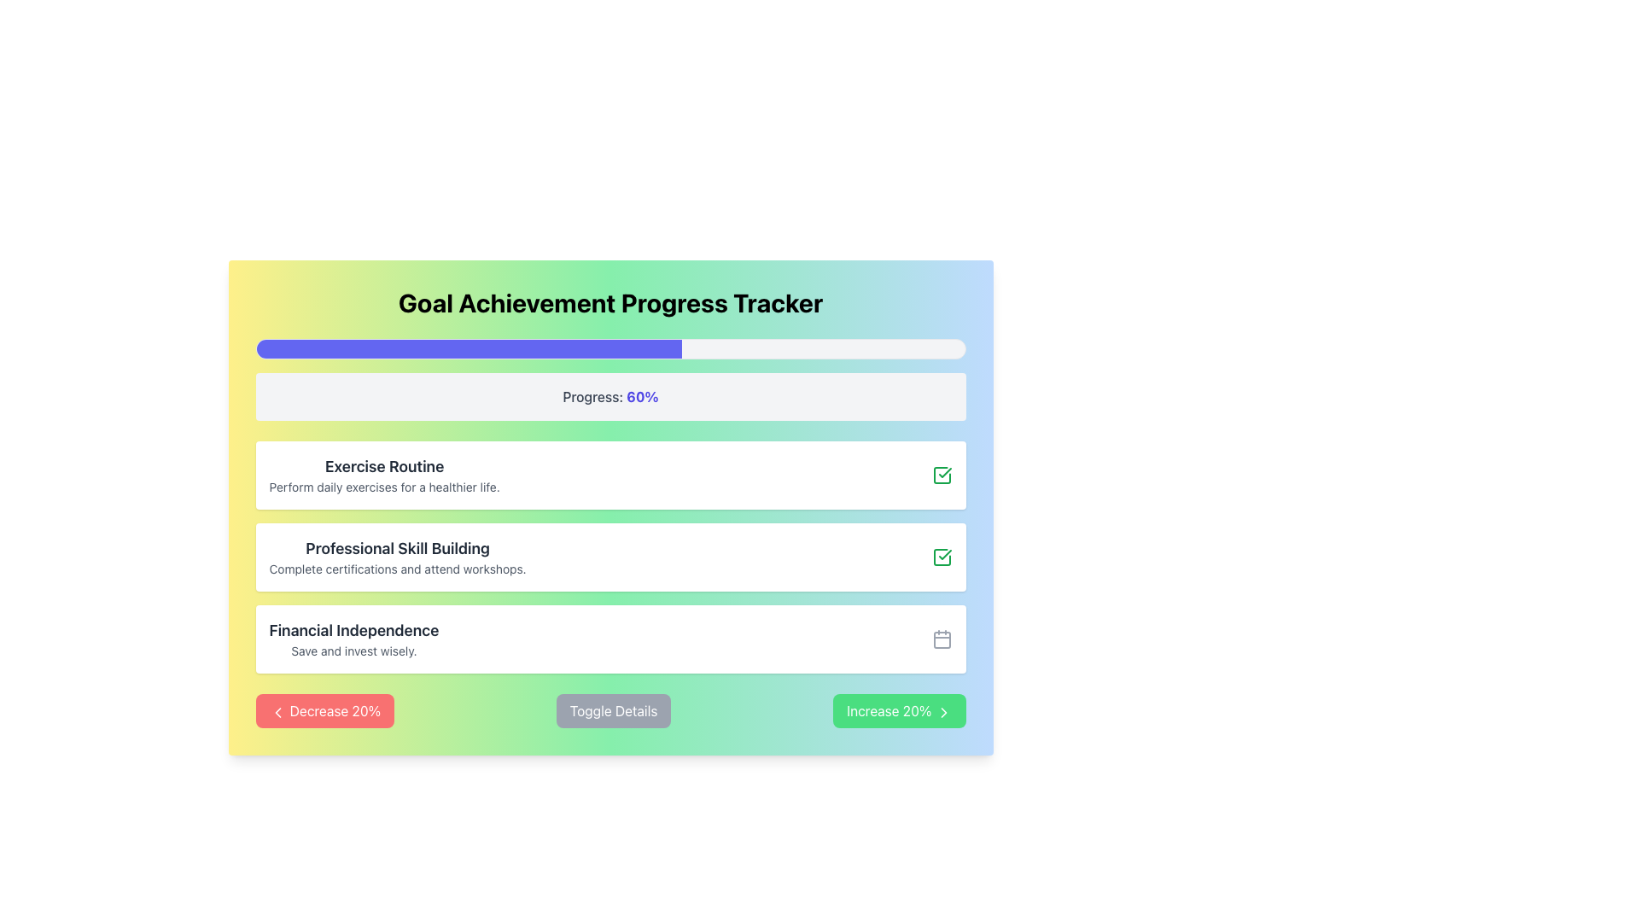 The image size is (1639, 922). I want to click on details of the 'Exercise Routine' text block, which is the first card under the section of listed objectives in the interface, so click(383, 475).